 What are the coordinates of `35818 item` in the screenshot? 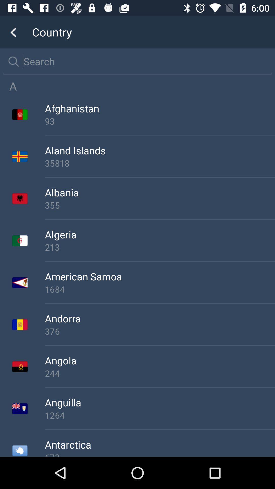 It's located at (160, 163).